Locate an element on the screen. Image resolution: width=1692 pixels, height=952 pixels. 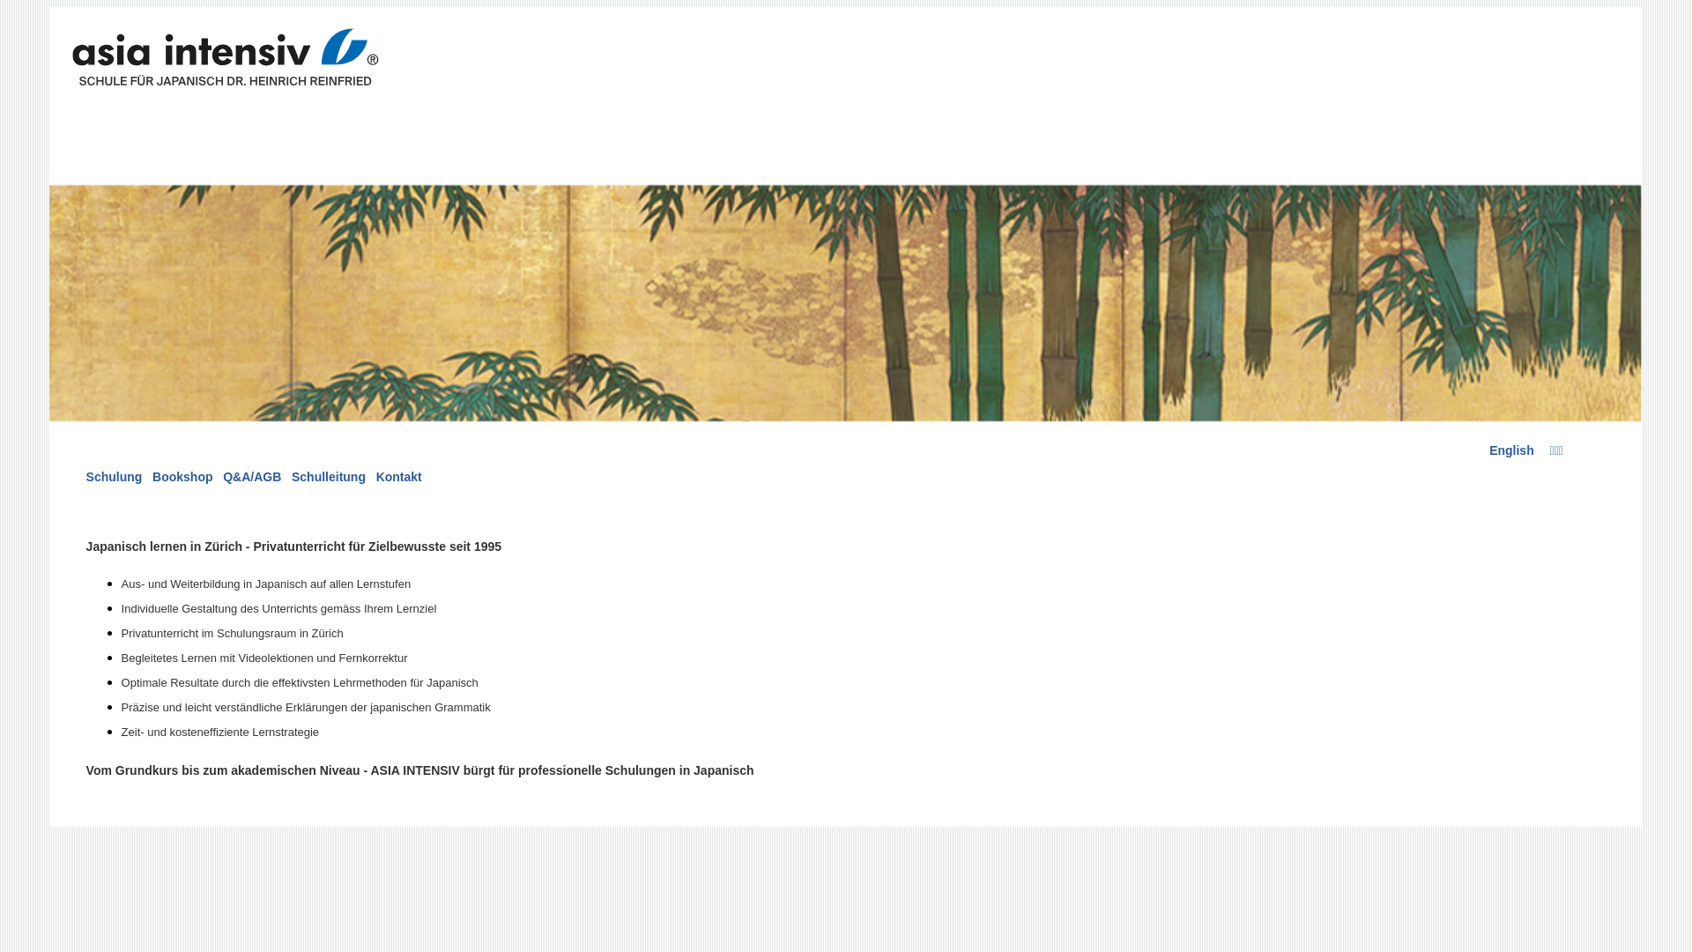
'Schulung' is located at coordinates (113, 476).